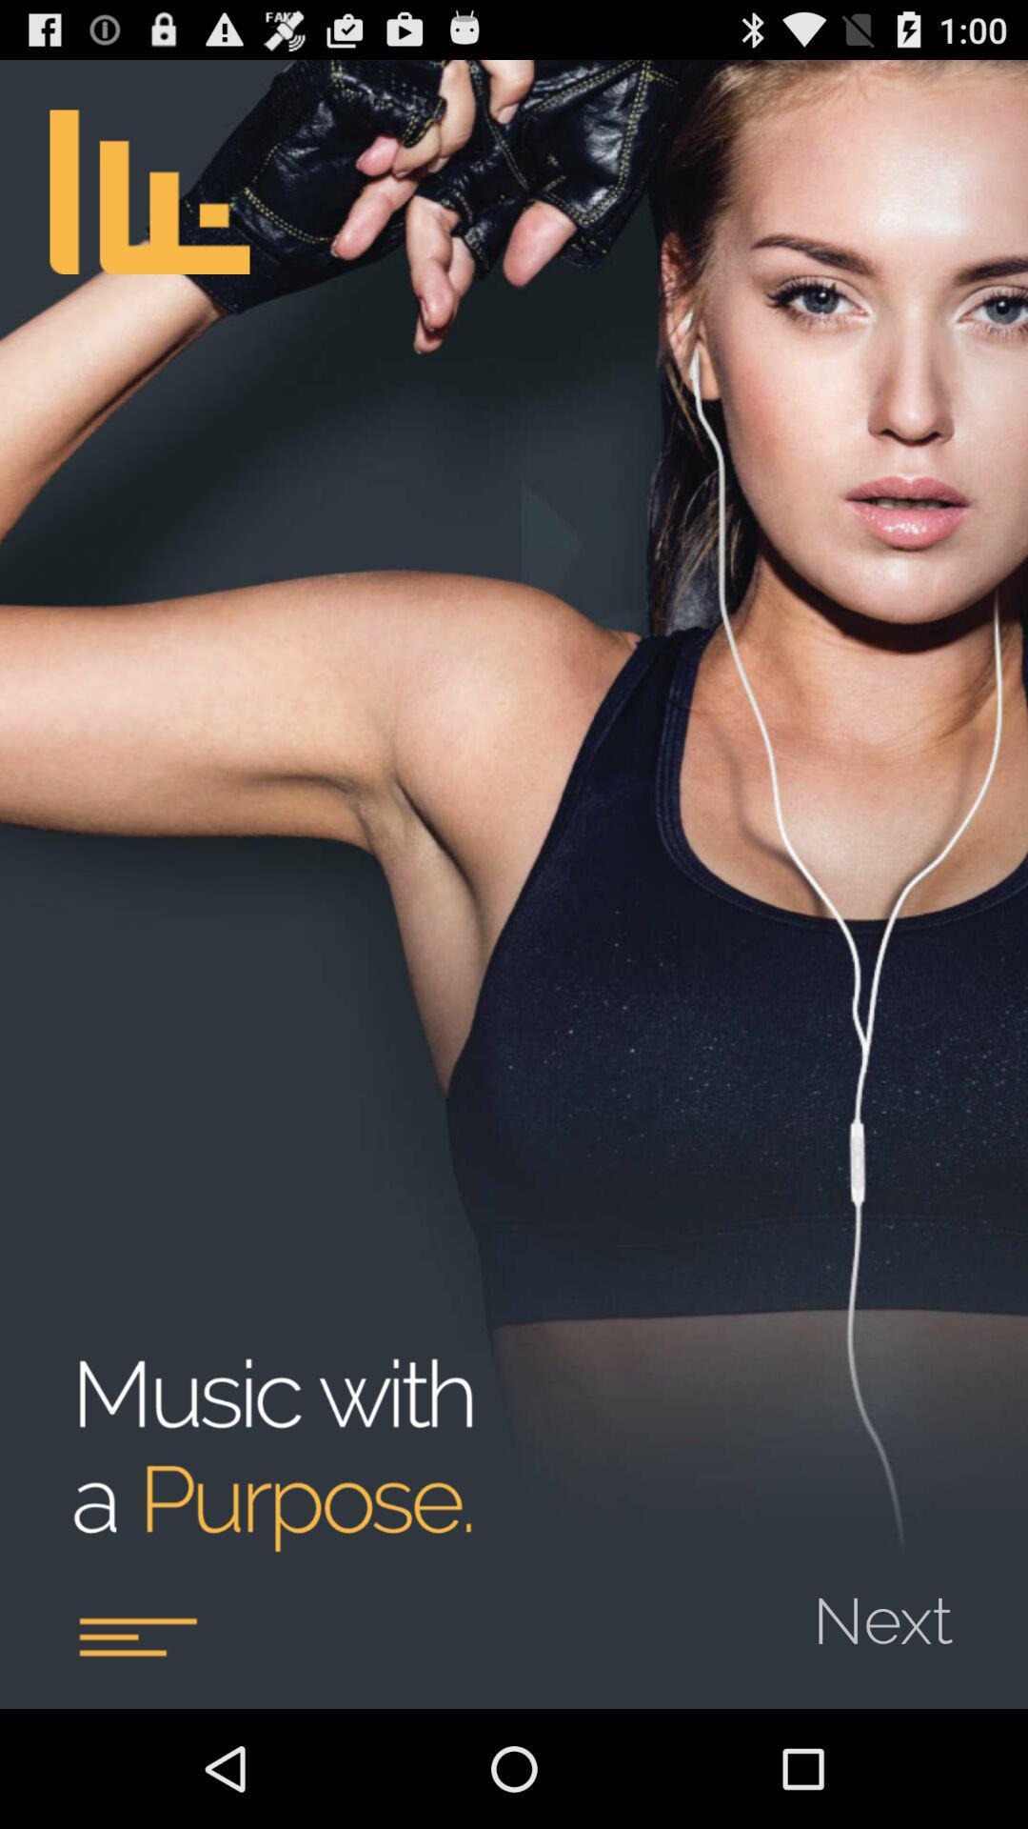 The image size is (1028, 1829). I want to click on article content, so click(136, 1636).